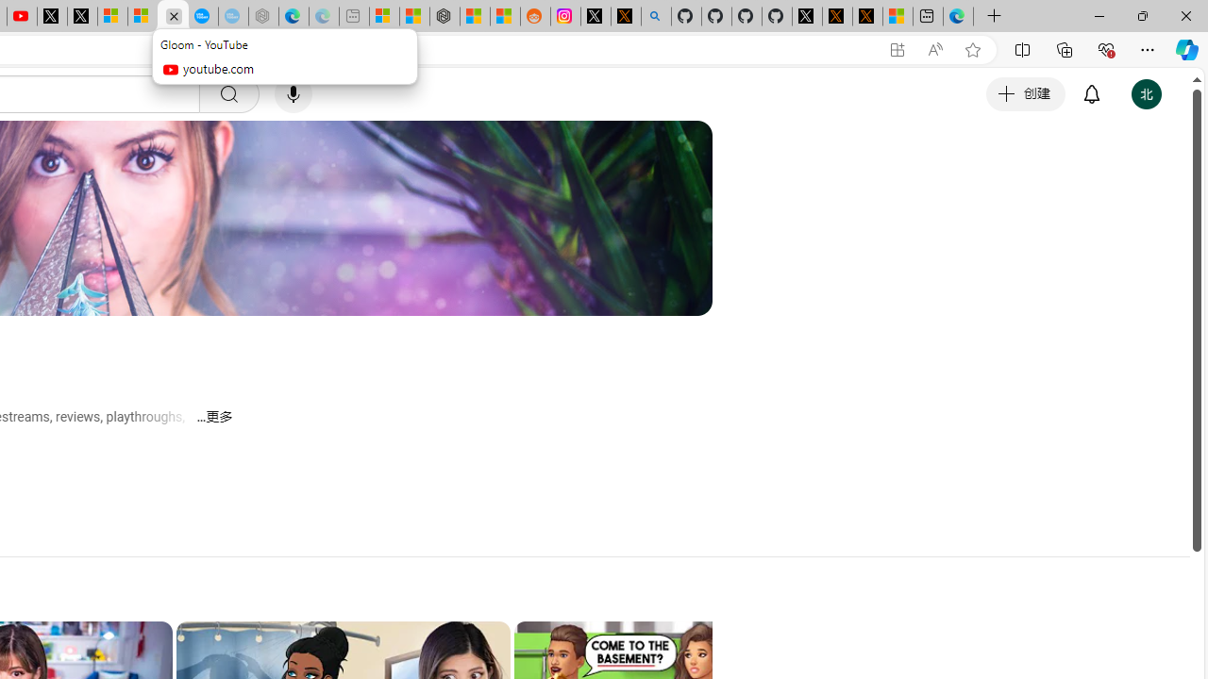 The height and width of the screenshot is (679, 1208). What do you see at coordinates (354, 16) in the screenshot?
I see `'New tab - Sleeping'` at bounding box center [354, 16].